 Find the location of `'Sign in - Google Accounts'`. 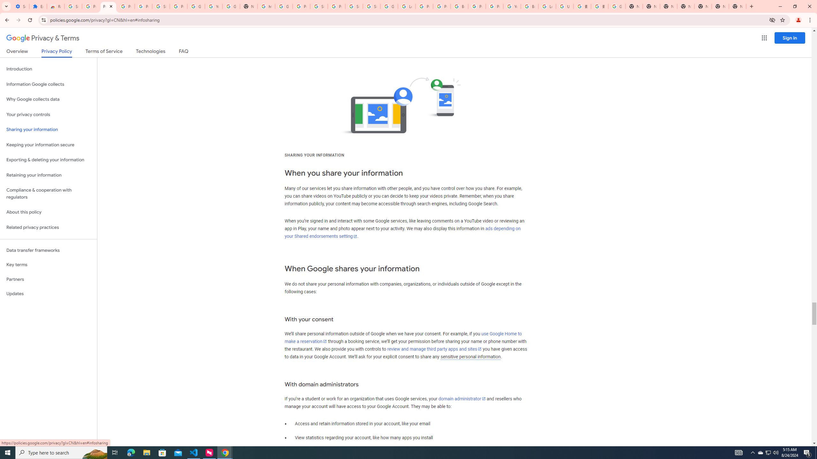

'Sign in - Google Accounts' is located at coordinates (354, 6).